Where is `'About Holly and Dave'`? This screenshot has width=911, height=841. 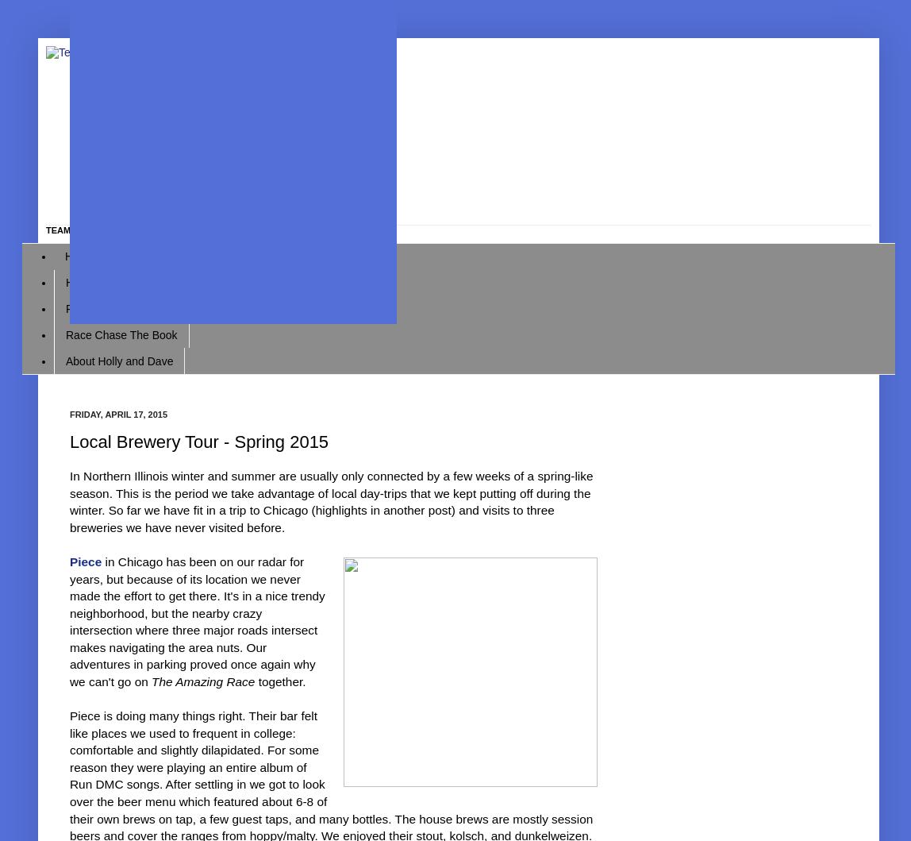 'About Holly and Dave' is located at coordinates (66, 360).